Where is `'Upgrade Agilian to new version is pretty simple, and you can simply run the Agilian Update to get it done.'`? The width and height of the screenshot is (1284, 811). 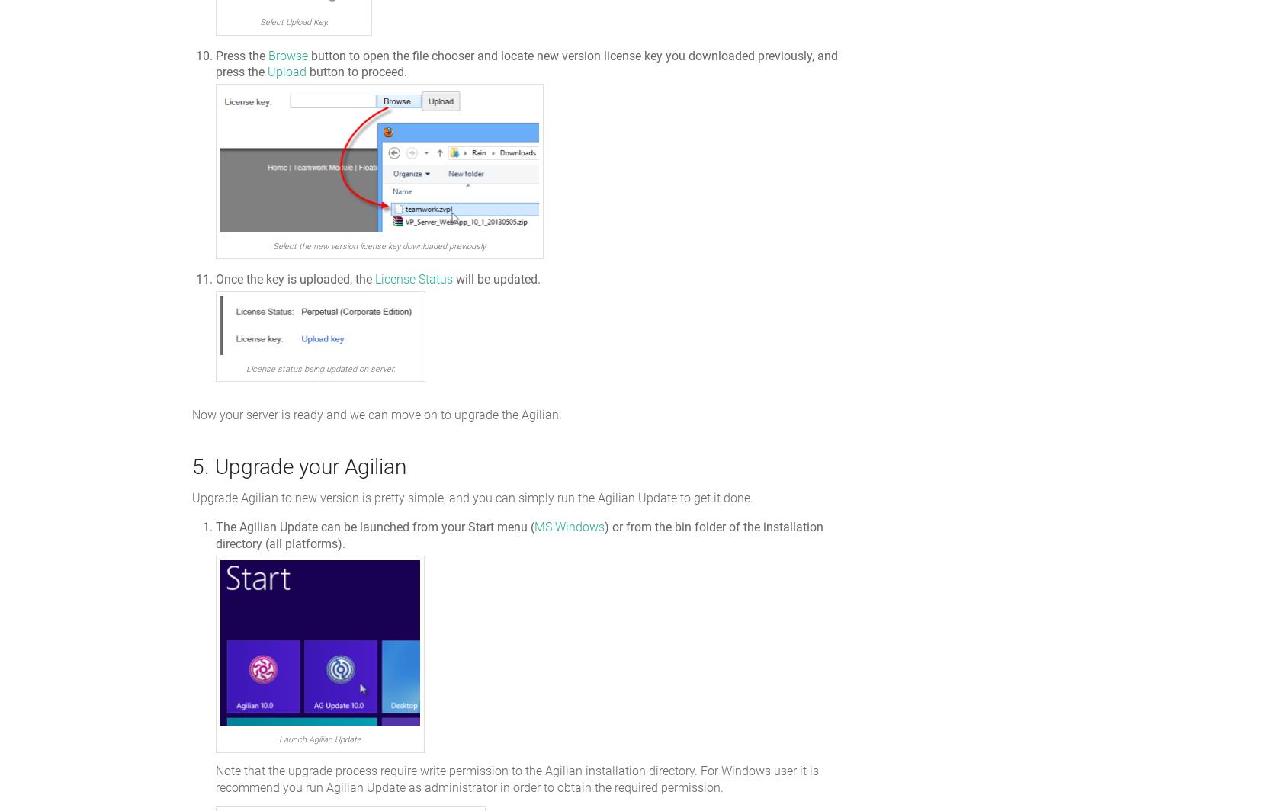
'Upgrade Agilian to new version is pretty simple, and you can simply run the Agilian Update to get it done.' is located at coordinates (472, 498).